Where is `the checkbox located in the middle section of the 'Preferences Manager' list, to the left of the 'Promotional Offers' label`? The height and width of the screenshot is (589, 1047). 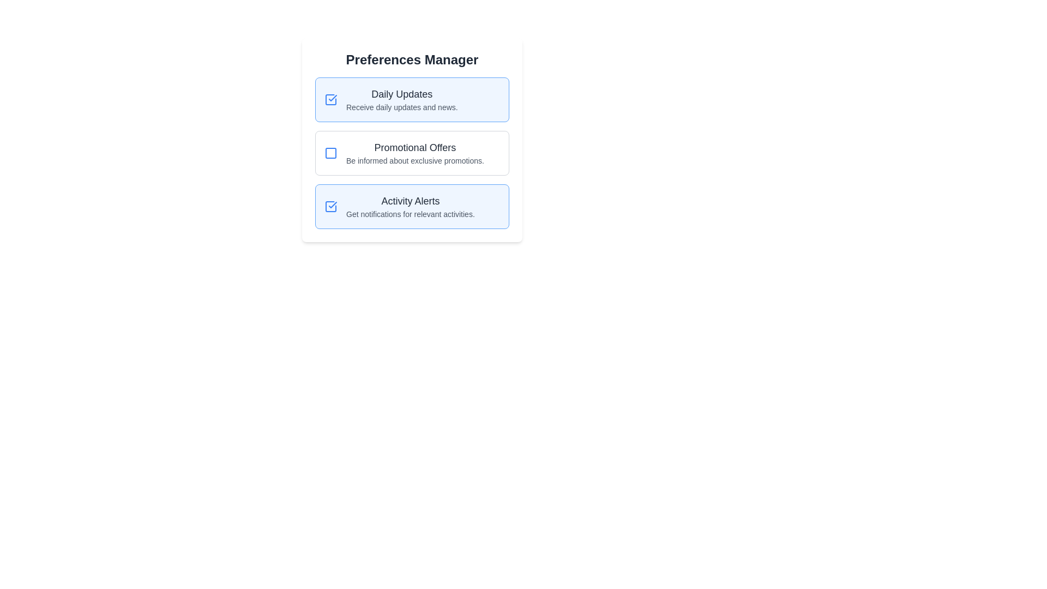
the checkbox located in the middle section of the 'Preferences Manager' list, to the left of the 'Promotional Offers' label is located at coordinates (330, 153).